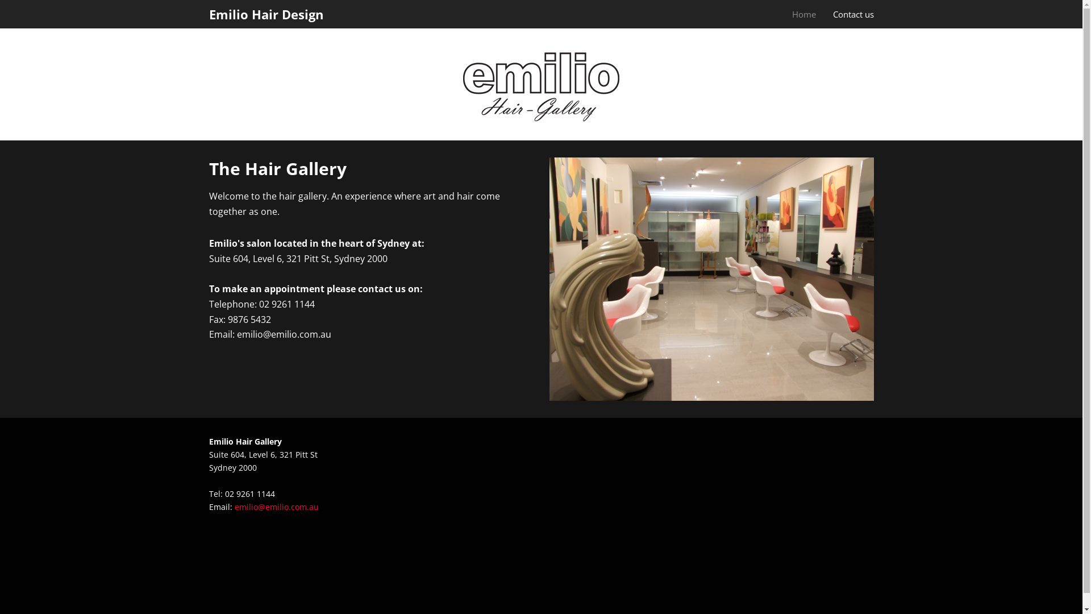  What do you see at coordinates (234, 506) in the screenshot?
I see `'emilio@emilio.com.au'` at bounding box center [234, 506].